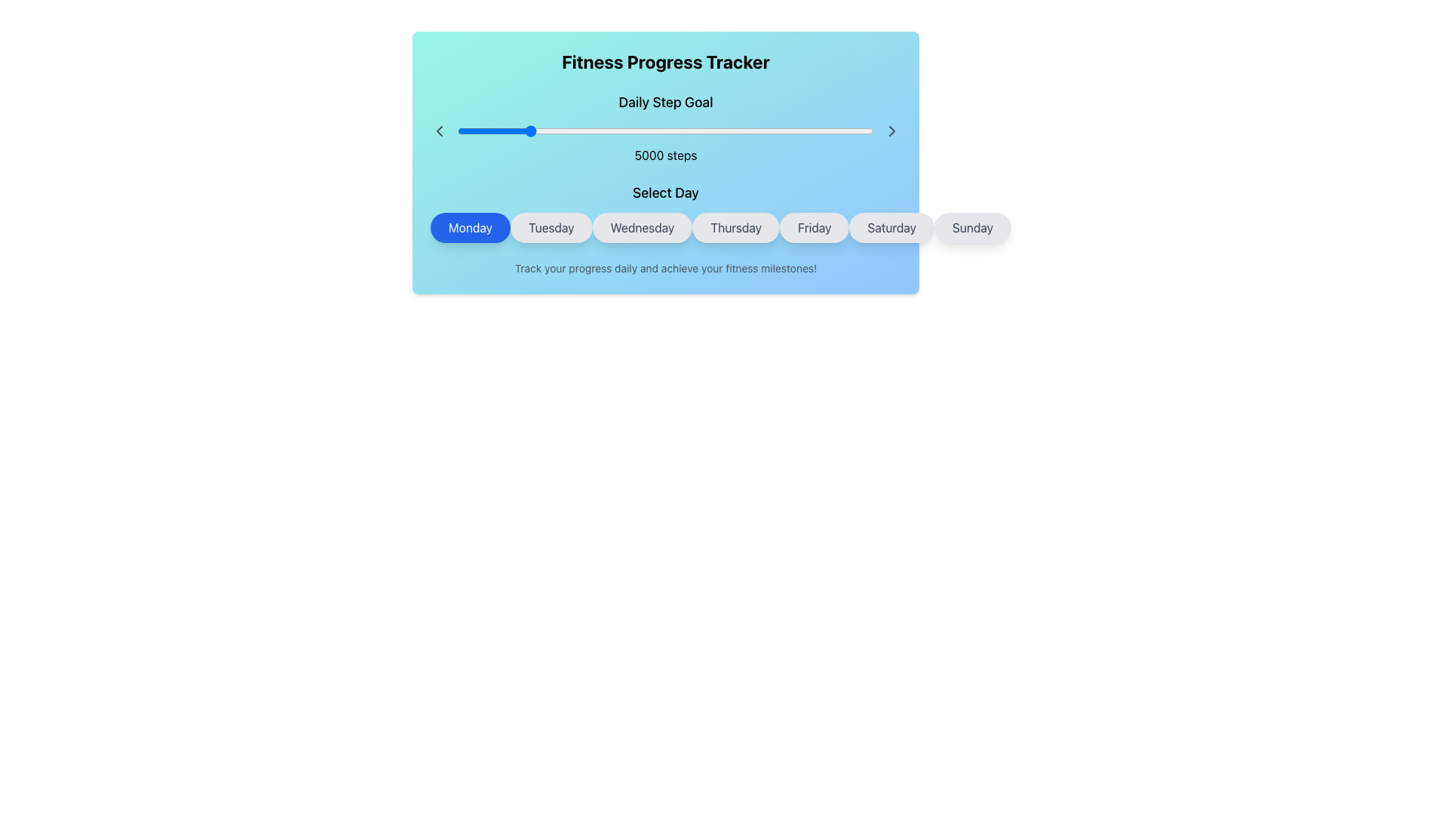  Describe the element at coordinates (665, 227) in the screenshot. I see `the 'Wednesday' button in the day selection row to observe the visual change, as it is highlighted with a shadow effect` at that location.